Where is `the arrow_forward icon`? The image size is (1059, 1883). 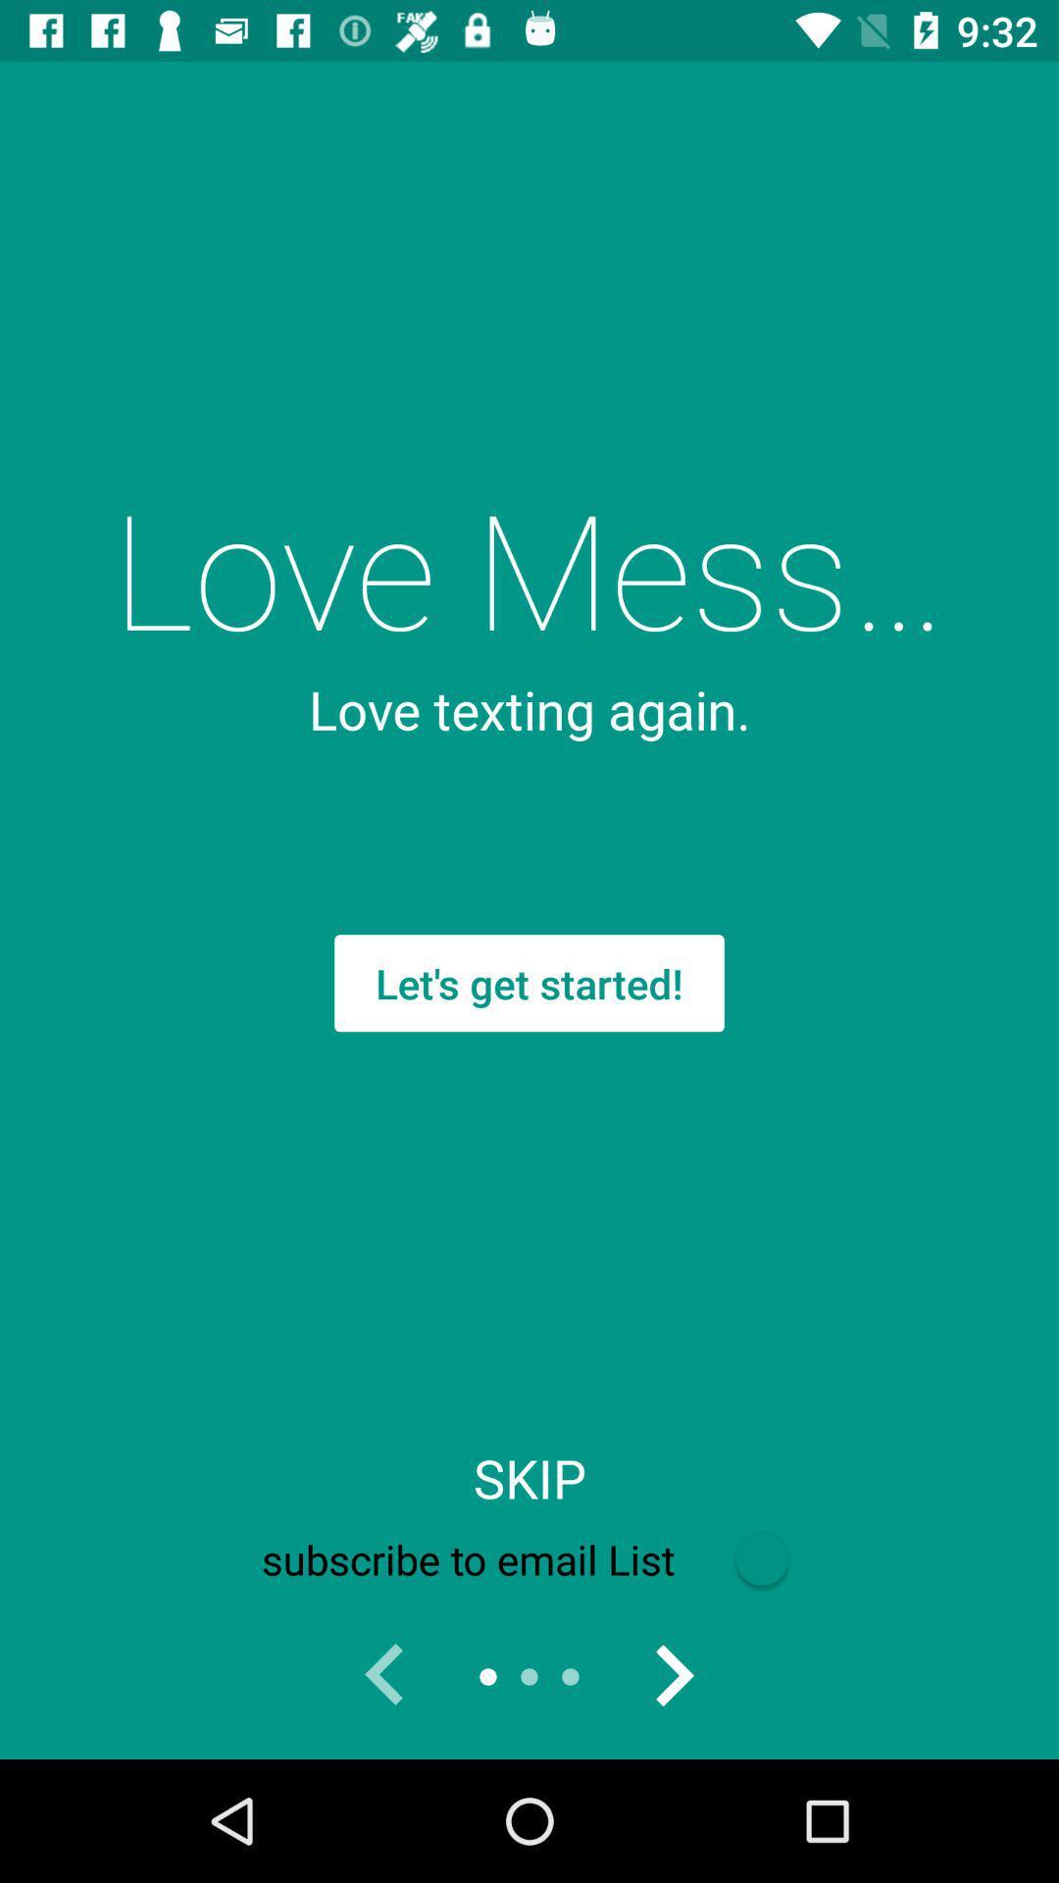
the arrow_forward icon is located at coordinates (672, 1675).